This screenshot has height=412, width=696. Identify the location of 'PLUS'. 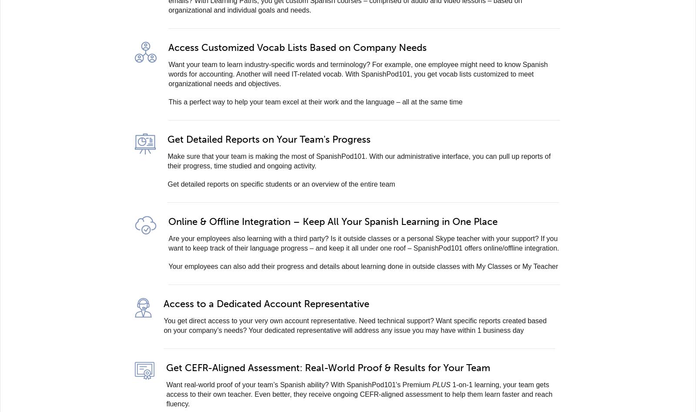
(441, 384).